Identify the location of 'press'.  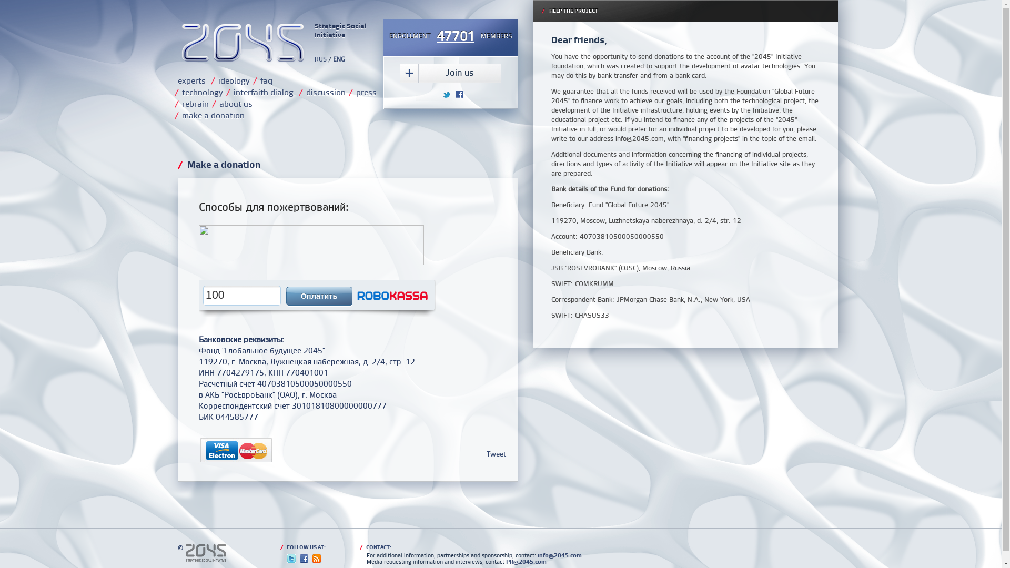
(366, 91).